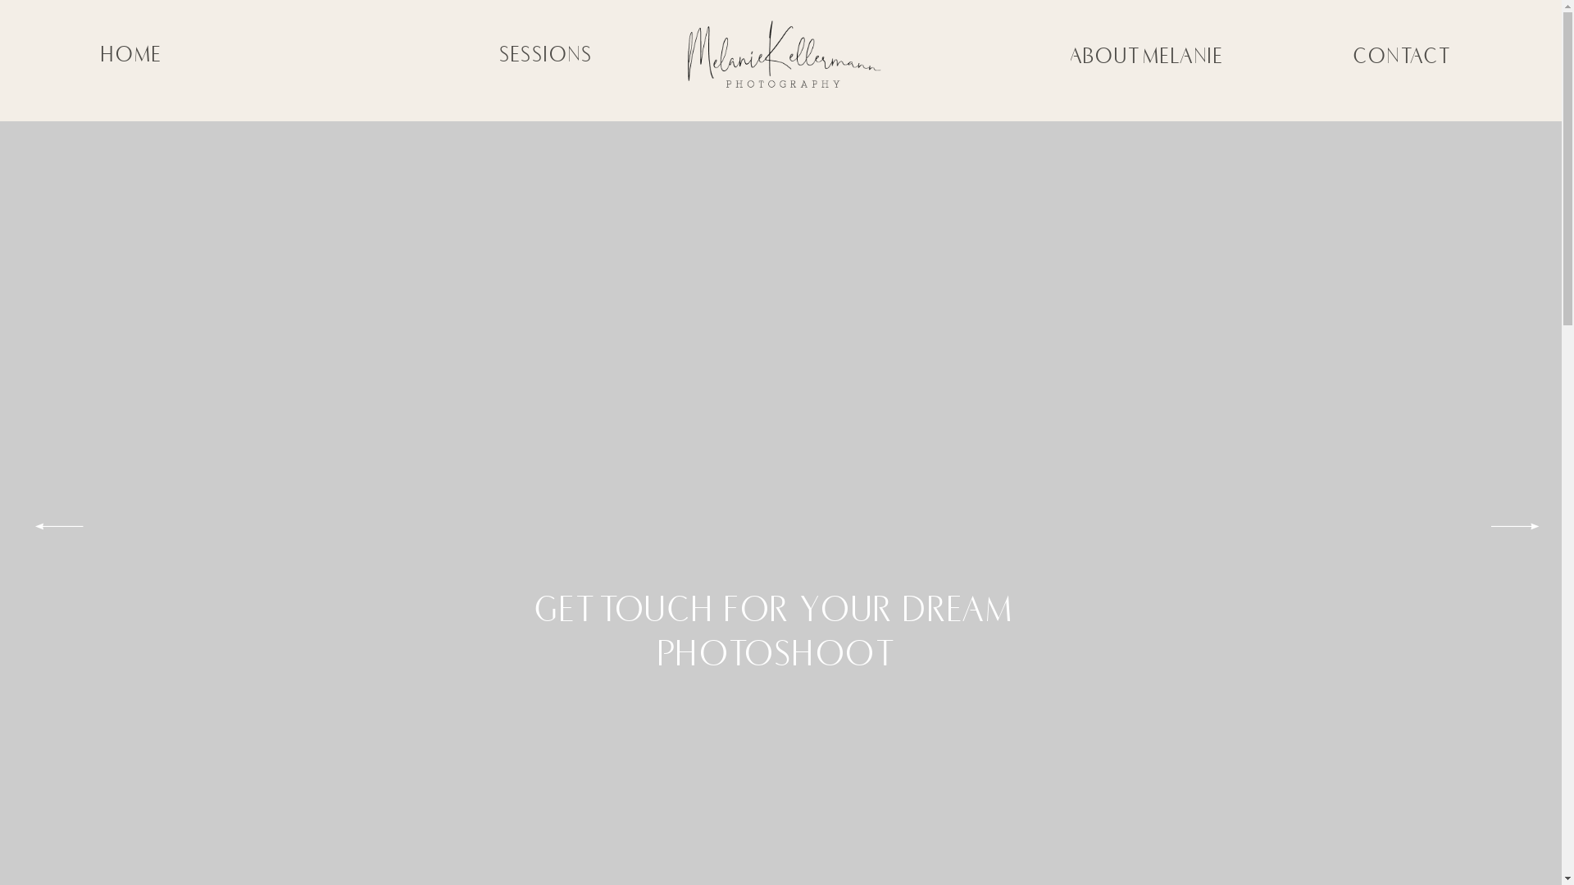 The height and width of the screenshot is (885, 1574). I want to click on 'SESSIONS', so click(547, 53).